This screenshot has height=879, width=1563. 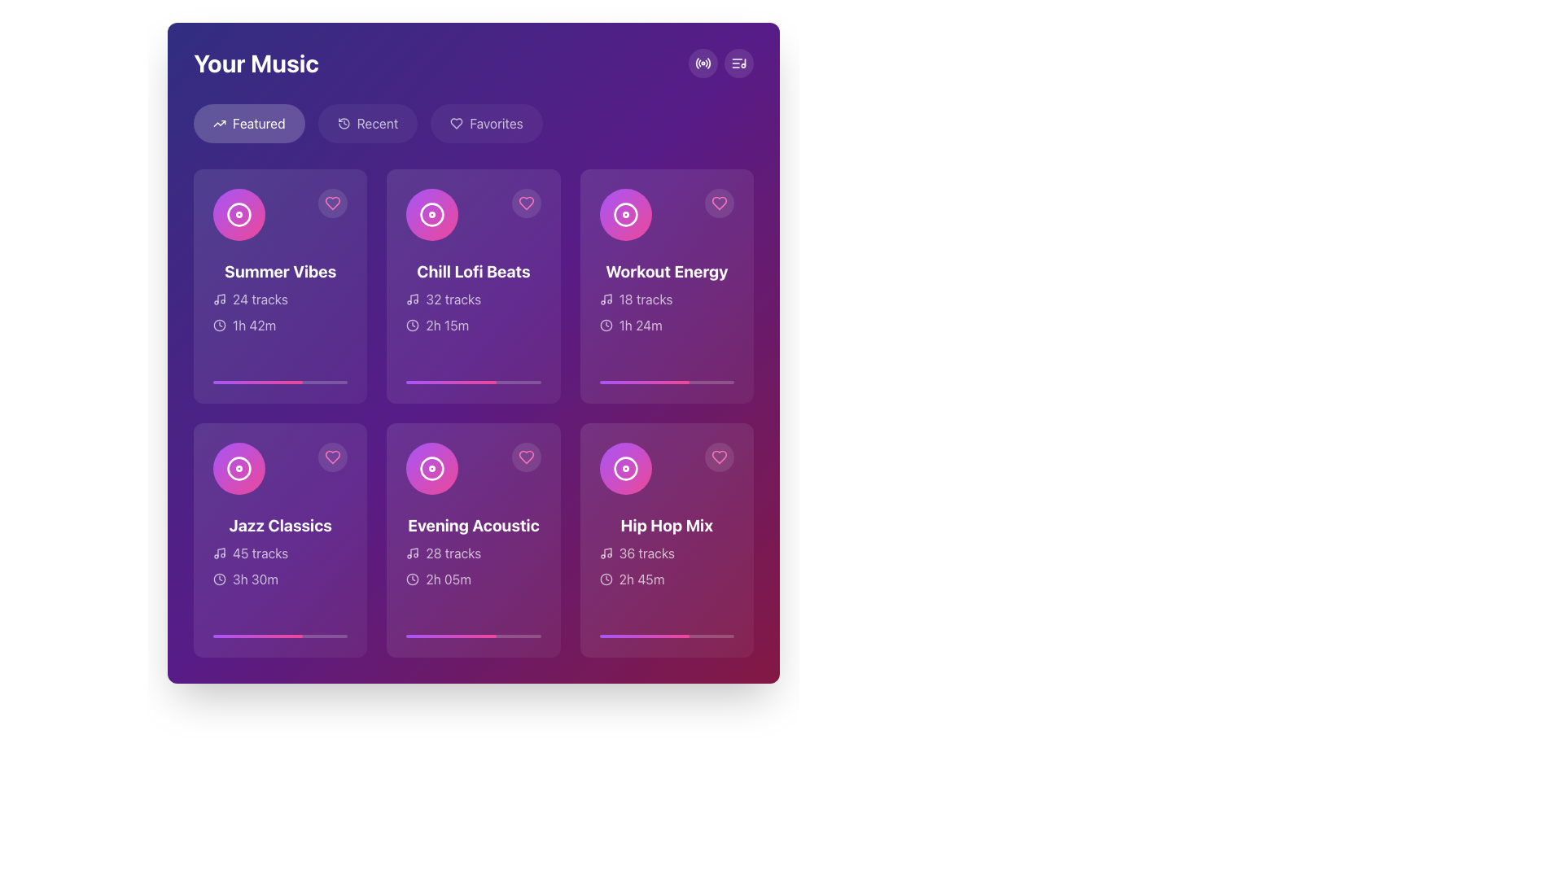 I want to click on the time indication icon located in the lower-left corner of the 'Jazz Classics' section, positioned to the left of the '3h 30m' text, so click(x=218, y=579).